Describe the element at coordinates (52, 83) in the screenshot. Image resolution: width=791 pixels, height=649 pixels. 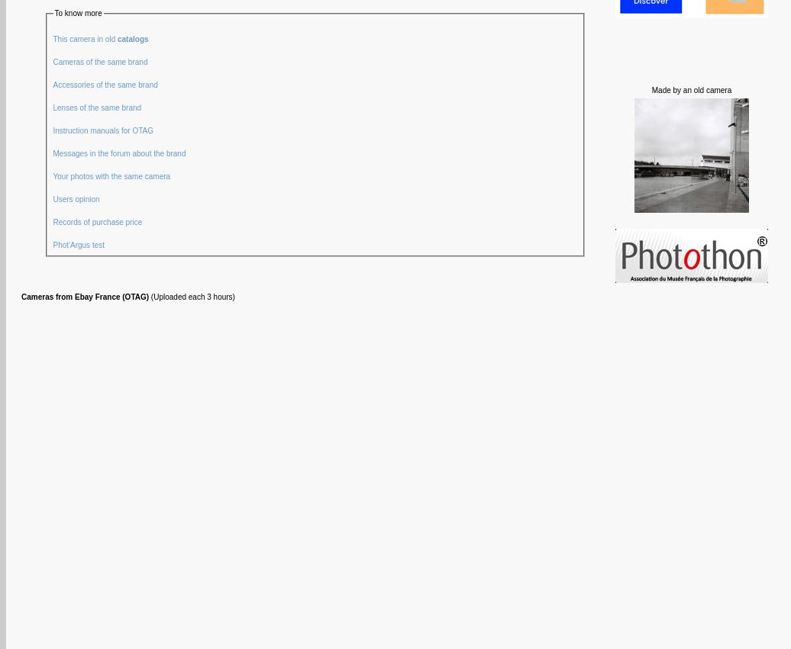
I see `'Accessories of the same brand'` at that location.